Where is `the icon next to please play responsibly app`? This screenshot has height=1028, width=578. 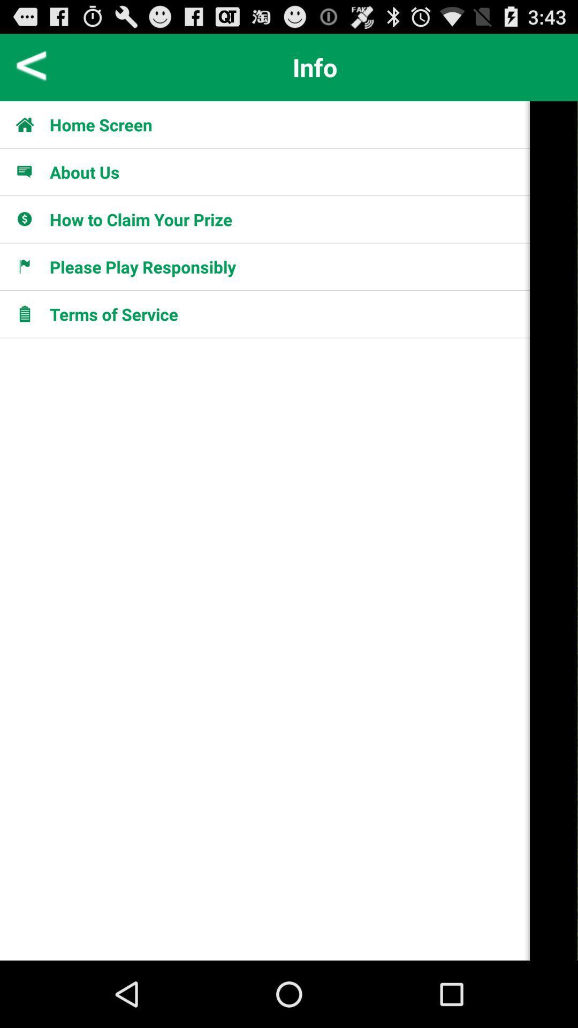
the icon next to please play responsibly app is located at coordinates (553, 531).